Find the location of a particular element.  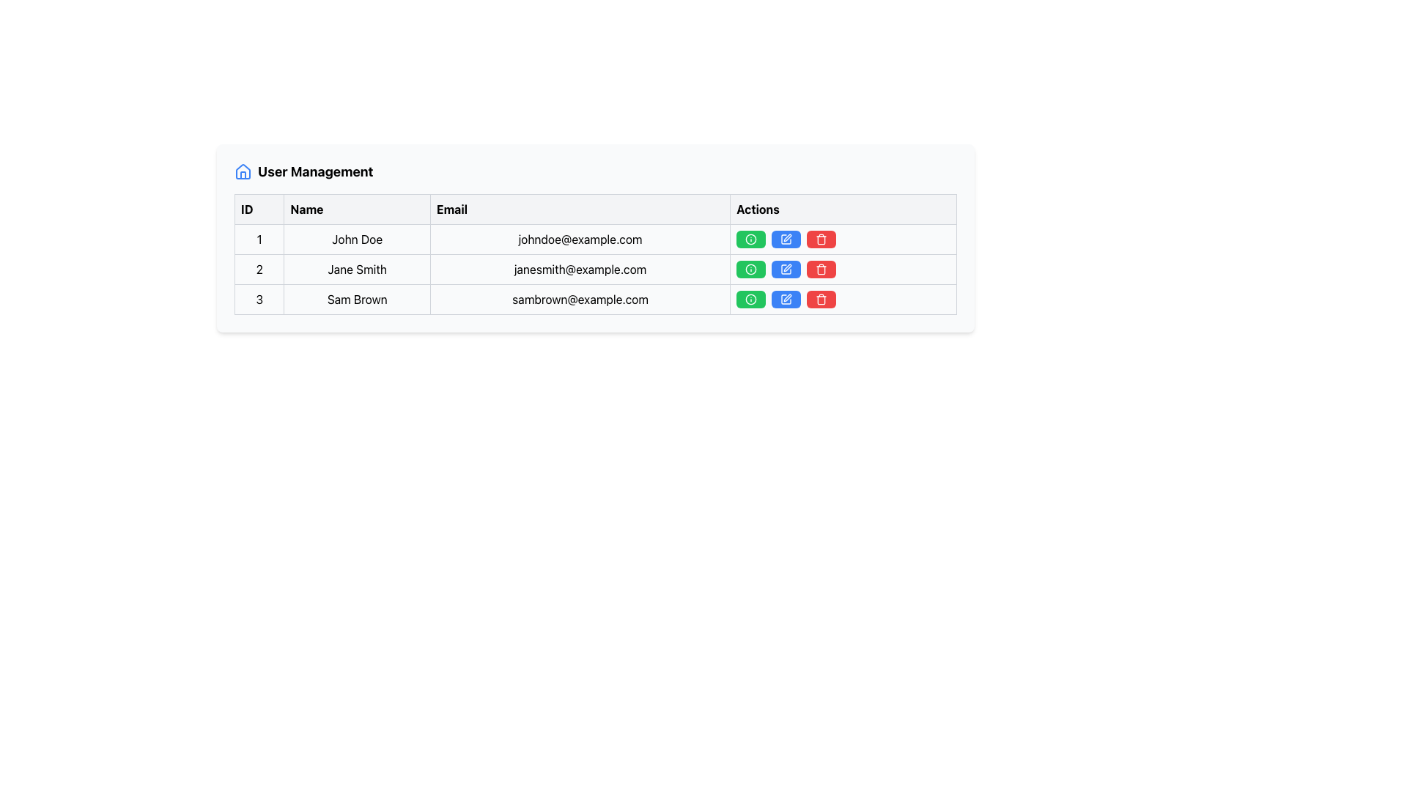

the square frame icon in the 'Actions' column for Jane Smith in the user management table is located at coordinates (786, 298).